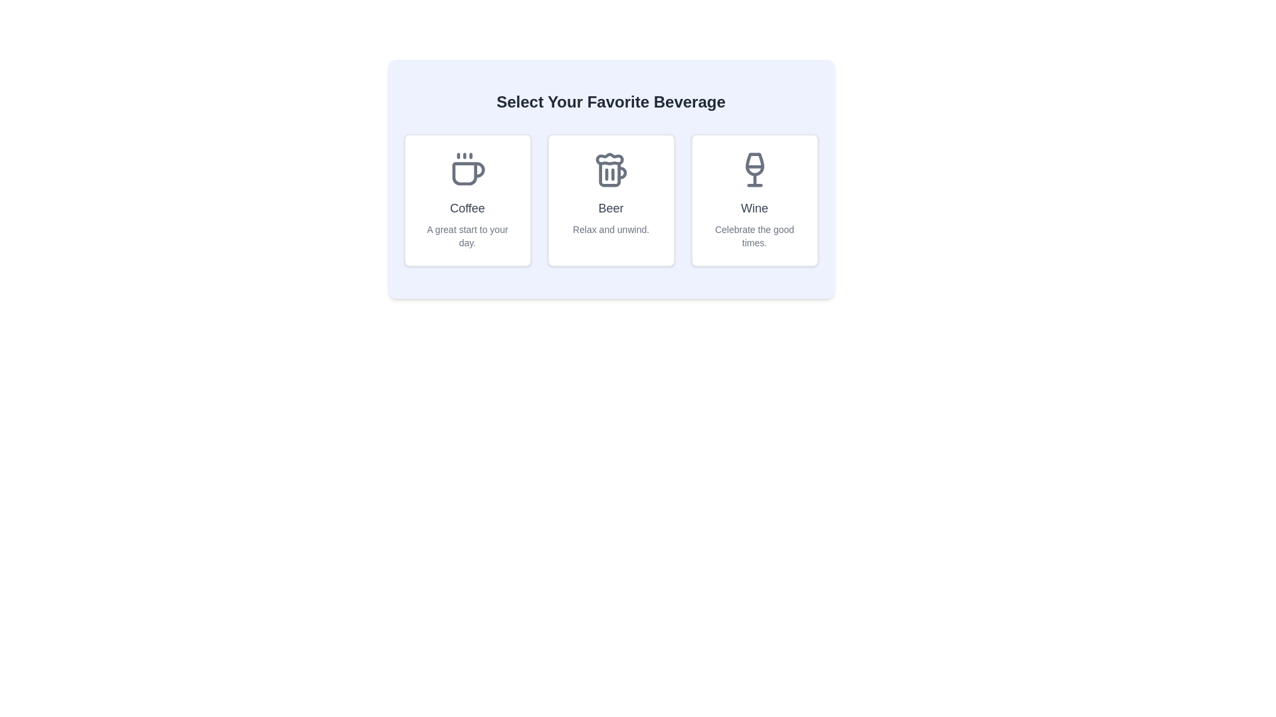 This screenshot has height=717, width=1276. I want to click on the wine glass icon, which is the third option in the horizontal beverage choices labeled 'Wine', displayed in gray color, so click(754, 163).